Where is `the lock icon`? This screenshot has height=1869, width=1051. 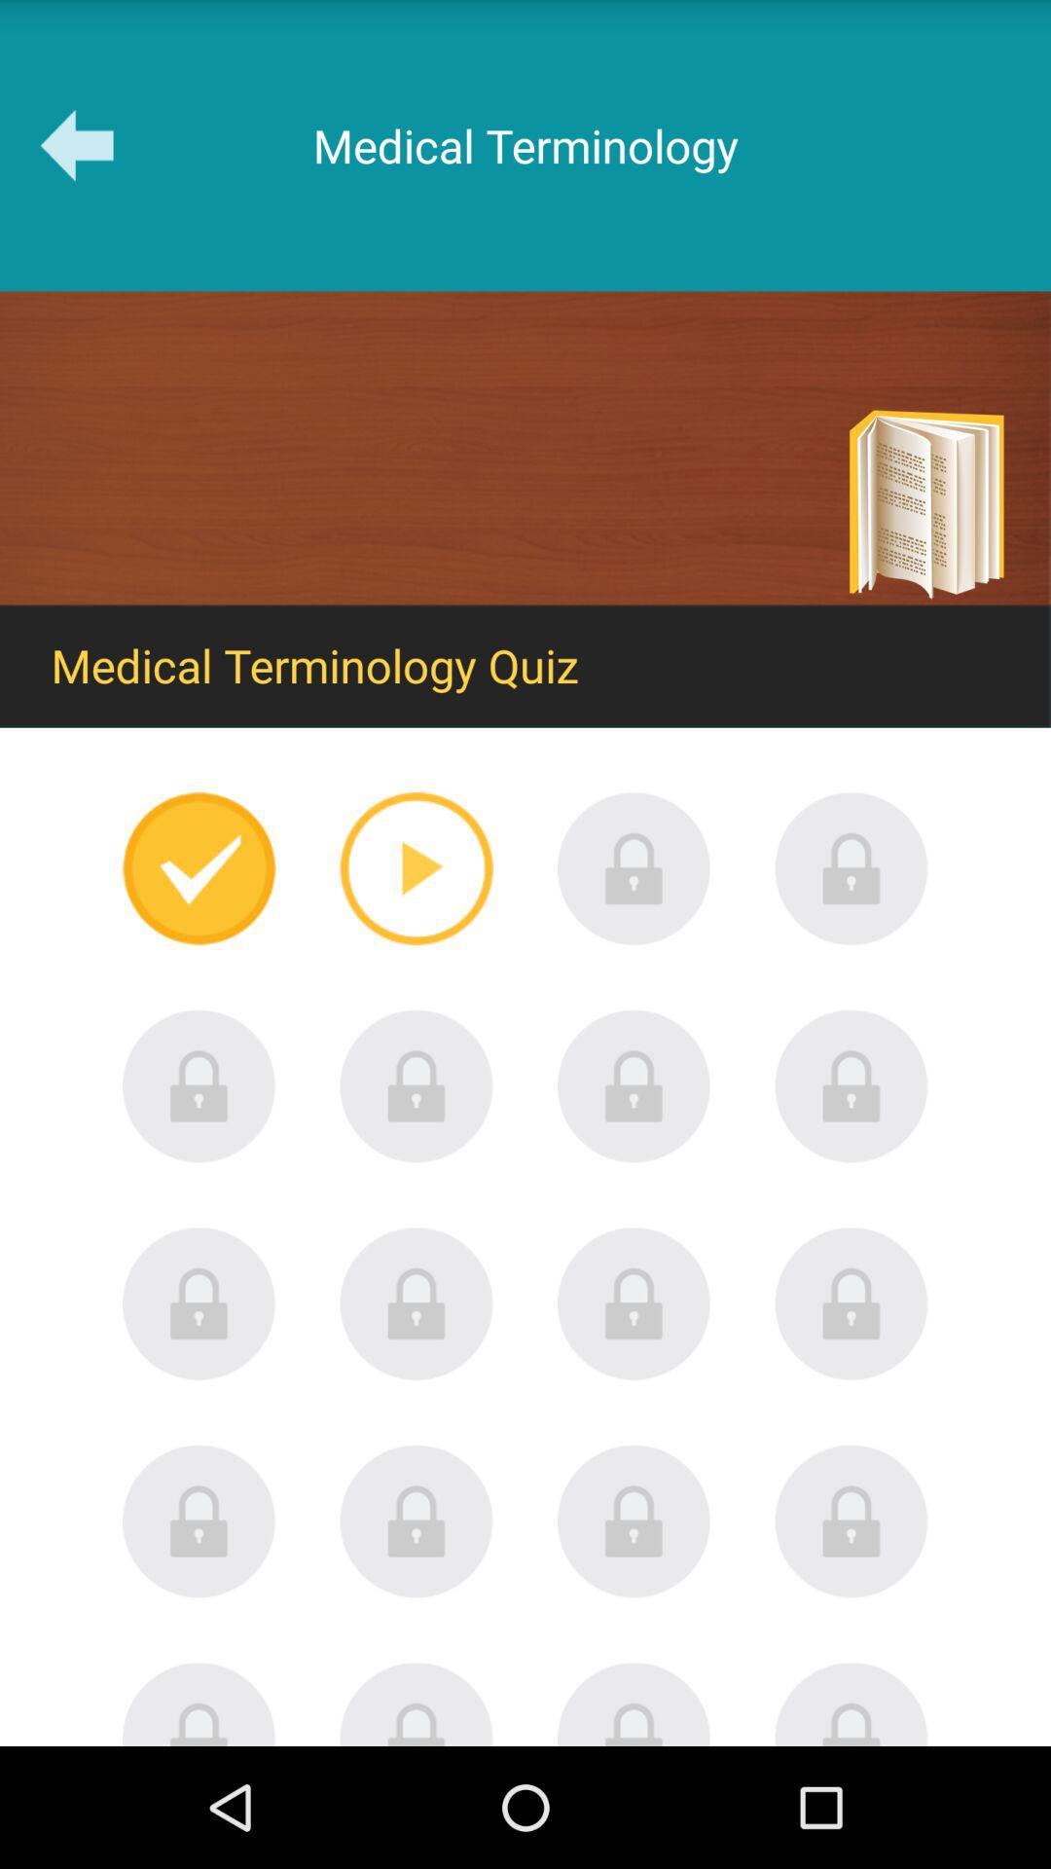
the lock icon is located at coordinates (416, 1628).